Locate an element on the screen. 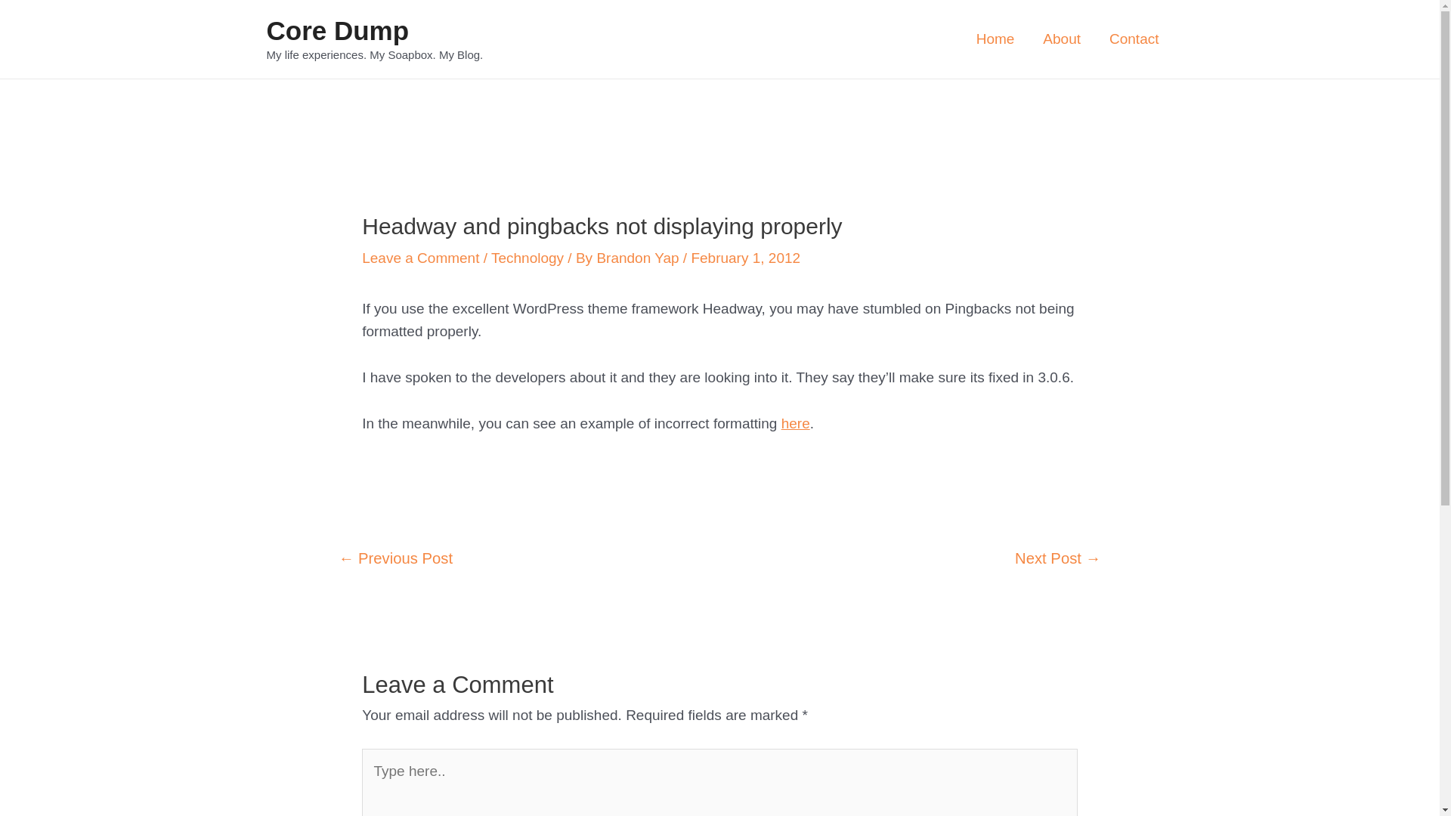 This screenshot has height=816, width=1451. 'About' is located at coordinates (1061, 38).